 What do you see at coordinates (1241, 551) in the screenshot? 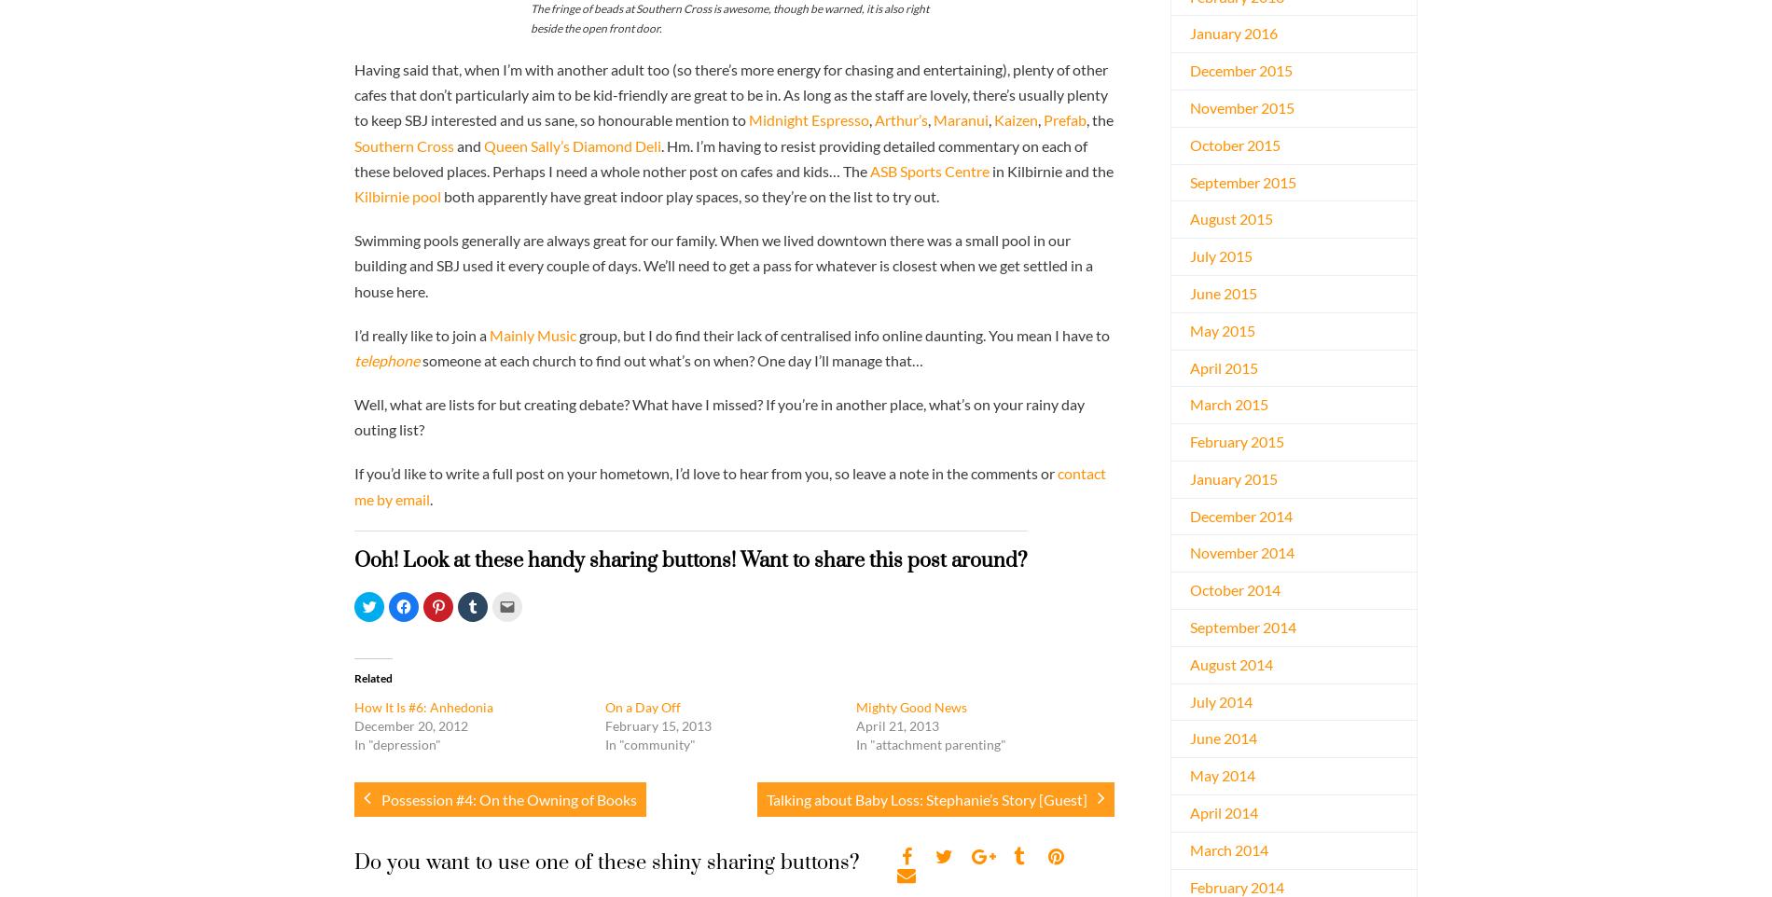
I see `'November 2014'` at bounding box center [1241, 551].